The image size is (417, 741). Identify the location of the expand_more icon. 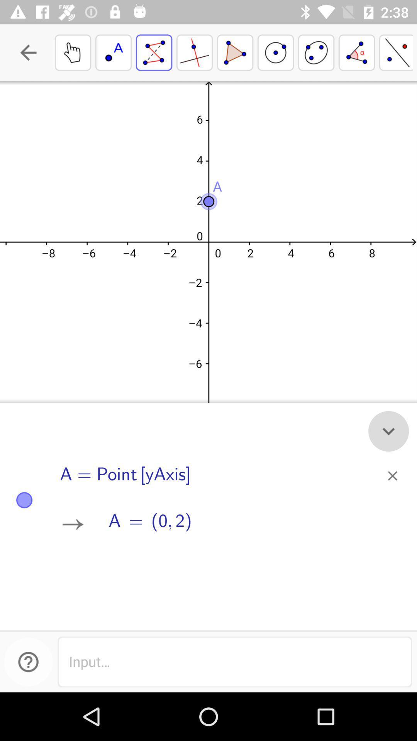
(388, 431).